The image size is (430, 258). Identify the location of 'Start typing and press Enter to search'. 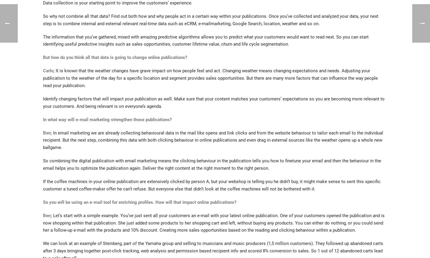
(214, 21).